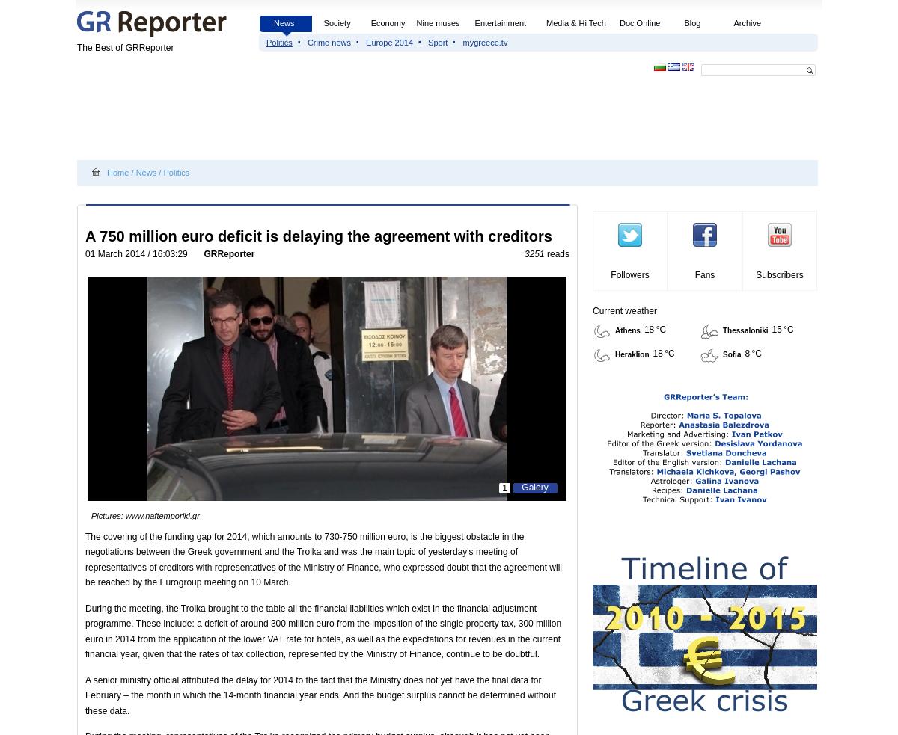 This screenshot has width=898, height=735. I want to click on 'A senior ministry official attributed the delay for 2014 to the fact that the Ministry does not yet have the final data for February – the month in which the 14-month financial year ends. And the budget surplus cannot be determined without these data.', so click(320, 695).